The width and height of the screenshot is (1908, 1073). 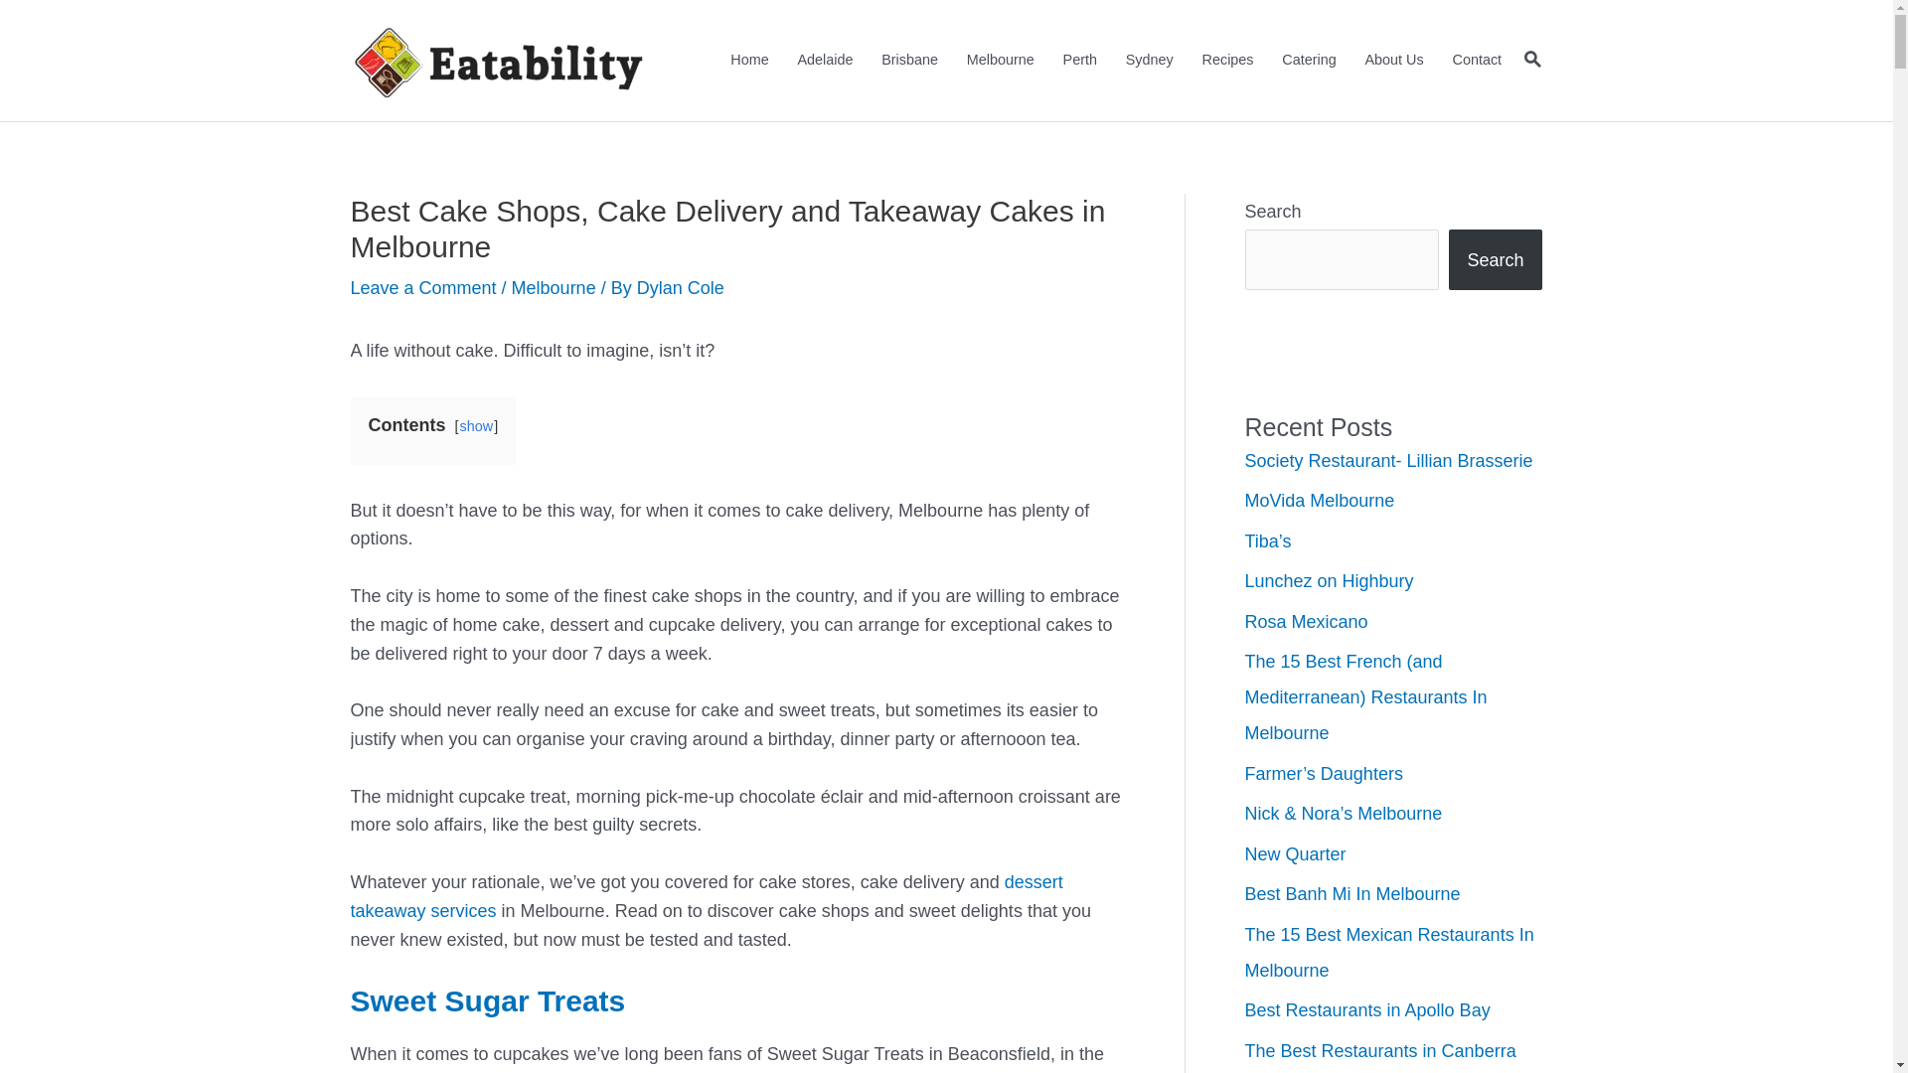 What do you see at coordinates (477, 424) in the screenshot?
I see `'show'` at bounding box center [477, 424].